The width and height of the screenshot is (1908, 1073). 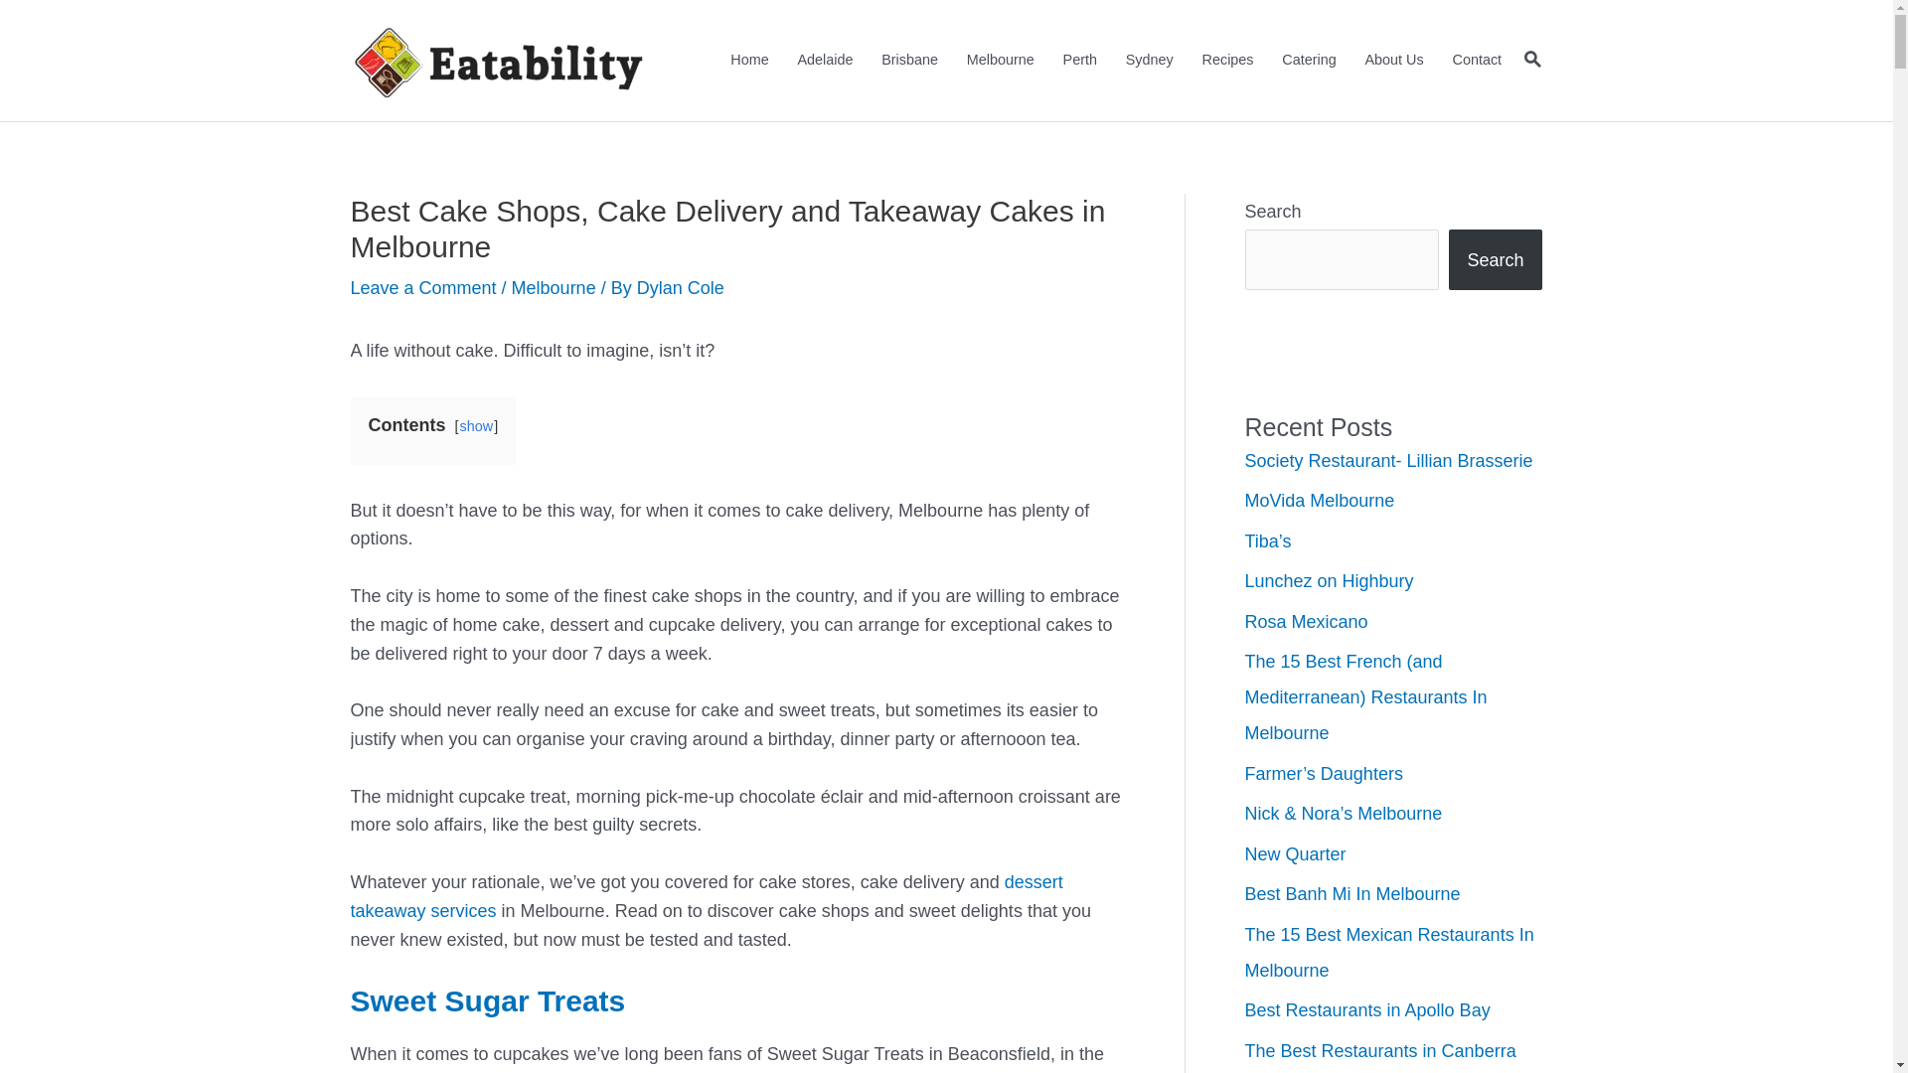 What do you see at coordinates (477, 424) in the screenshot?
I see `'show'` at bounding box center [477, 424].